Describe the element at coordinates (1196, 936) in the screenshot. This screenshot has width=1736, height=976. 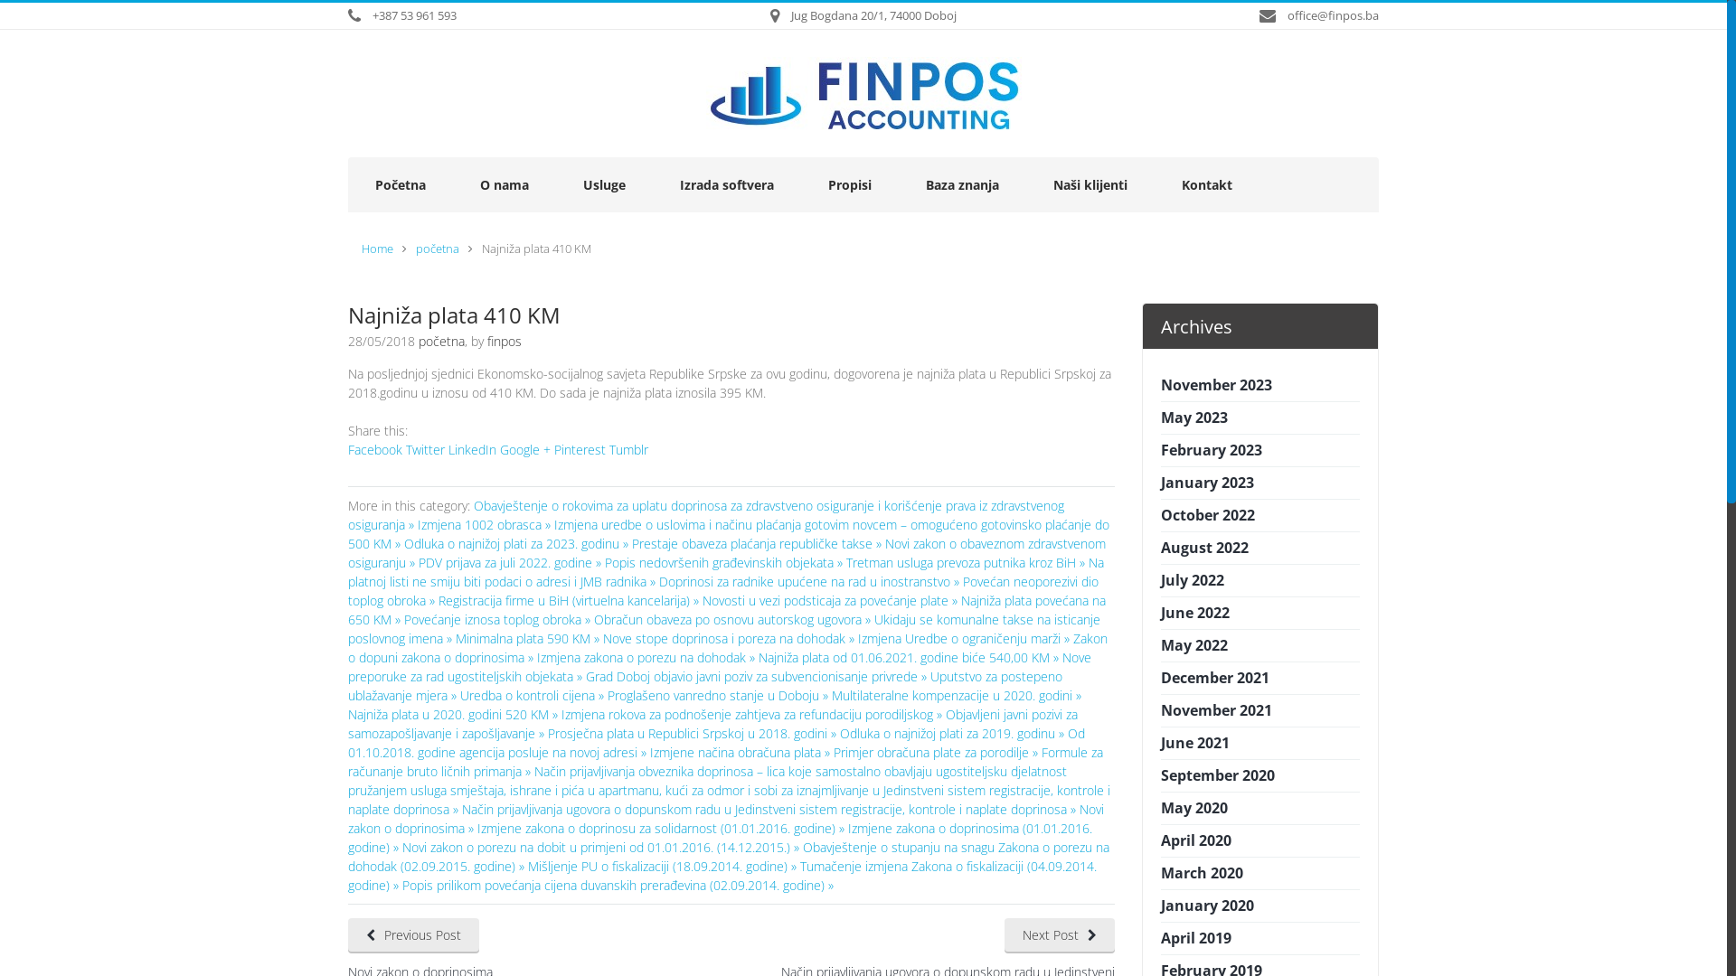
I see `'April 2019'` at that location.